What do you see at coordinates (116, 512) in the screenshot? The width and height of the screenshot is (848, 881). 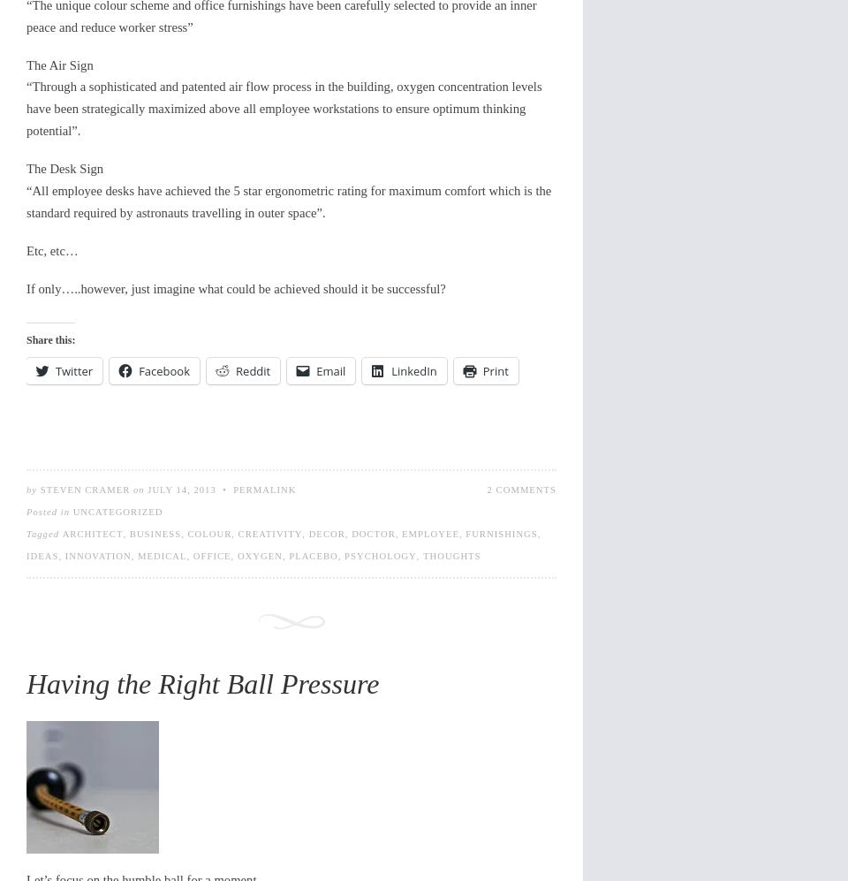 I see `'Uncategorized'` at bounding box center [116, 512].